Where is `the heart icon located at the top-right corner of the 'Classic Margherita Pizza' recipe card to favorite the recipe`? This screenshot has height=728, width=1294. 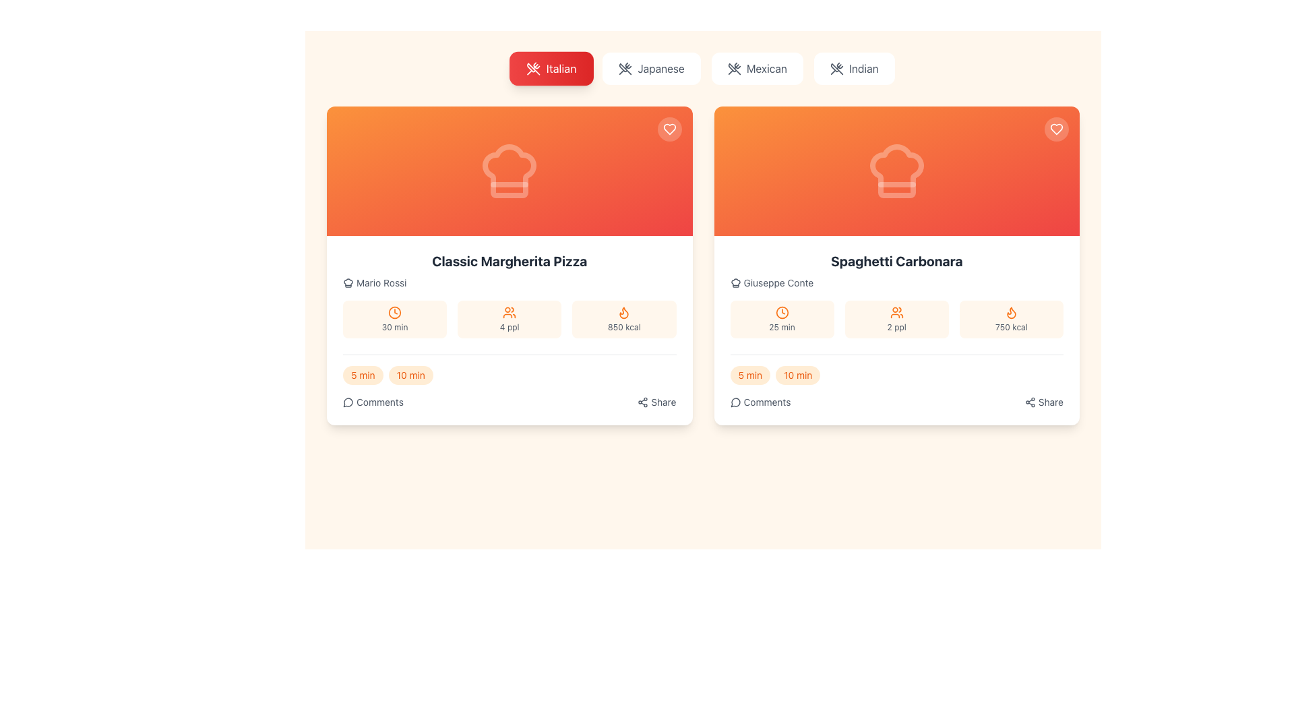
the heart icon located at the top-right corner of the 'Classic Margherita Pizza' recipe card to favorite the recipe is located at coordinates (669, 129).